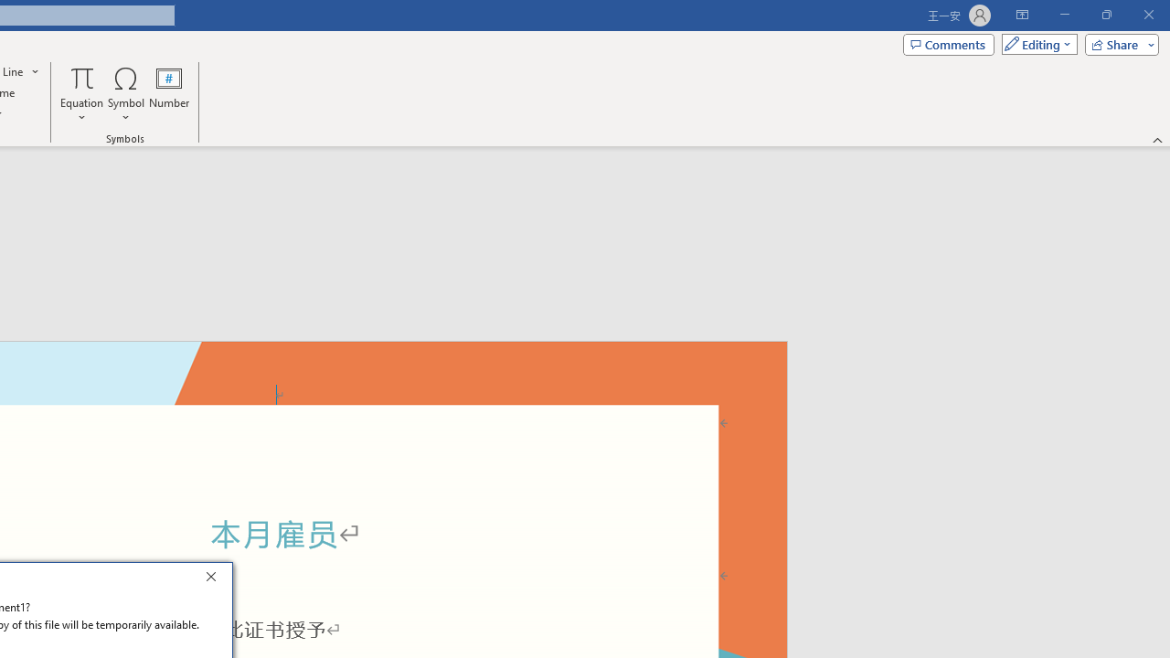  What do you see at coordinates (81, 94) in the screenshot?
I see `'Equation'` at bounding box center [81, 94].